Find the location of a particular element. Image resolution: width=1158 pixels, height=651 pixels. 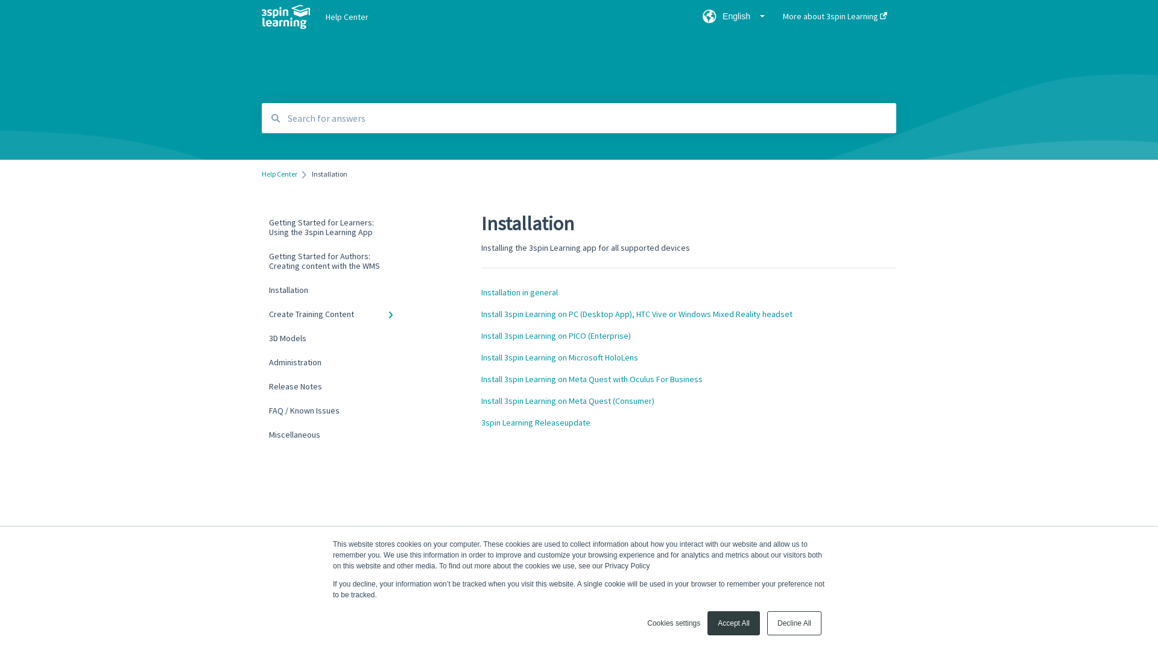

'Miscellaneous' is located at coordinates (261, 435).